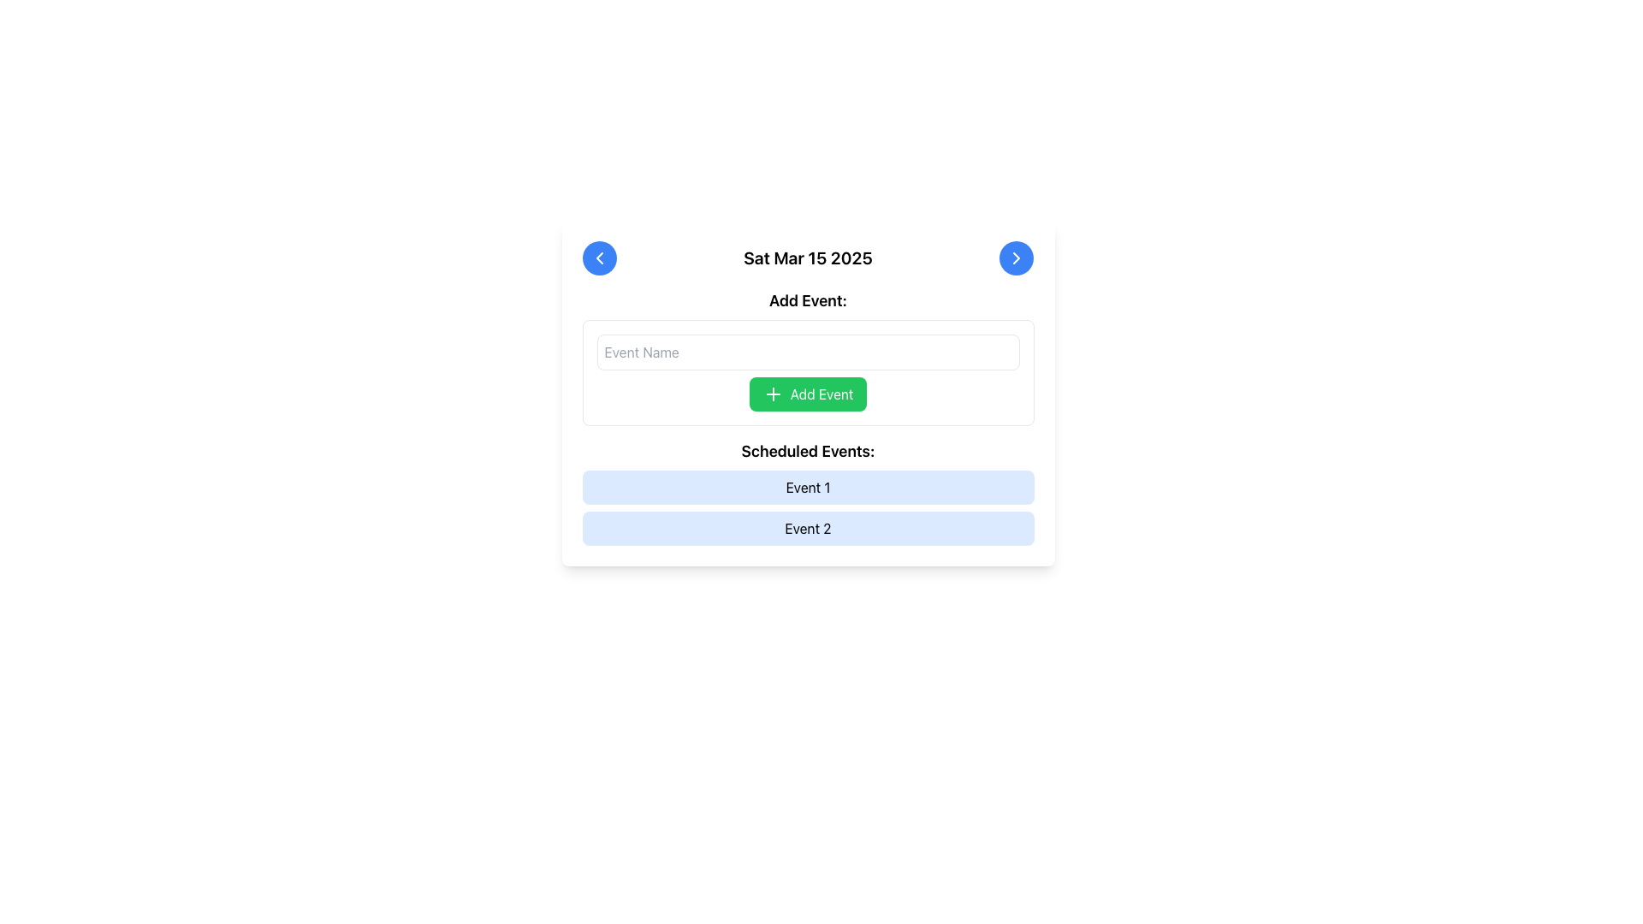 Image resolution: width=1643 pixels, height=924 pixels. Describe the element at coordinates (1017, 258) in the screenshot. I see `the navigation icon located inside a circular button at the top-right corner of the interface, next` at that location.